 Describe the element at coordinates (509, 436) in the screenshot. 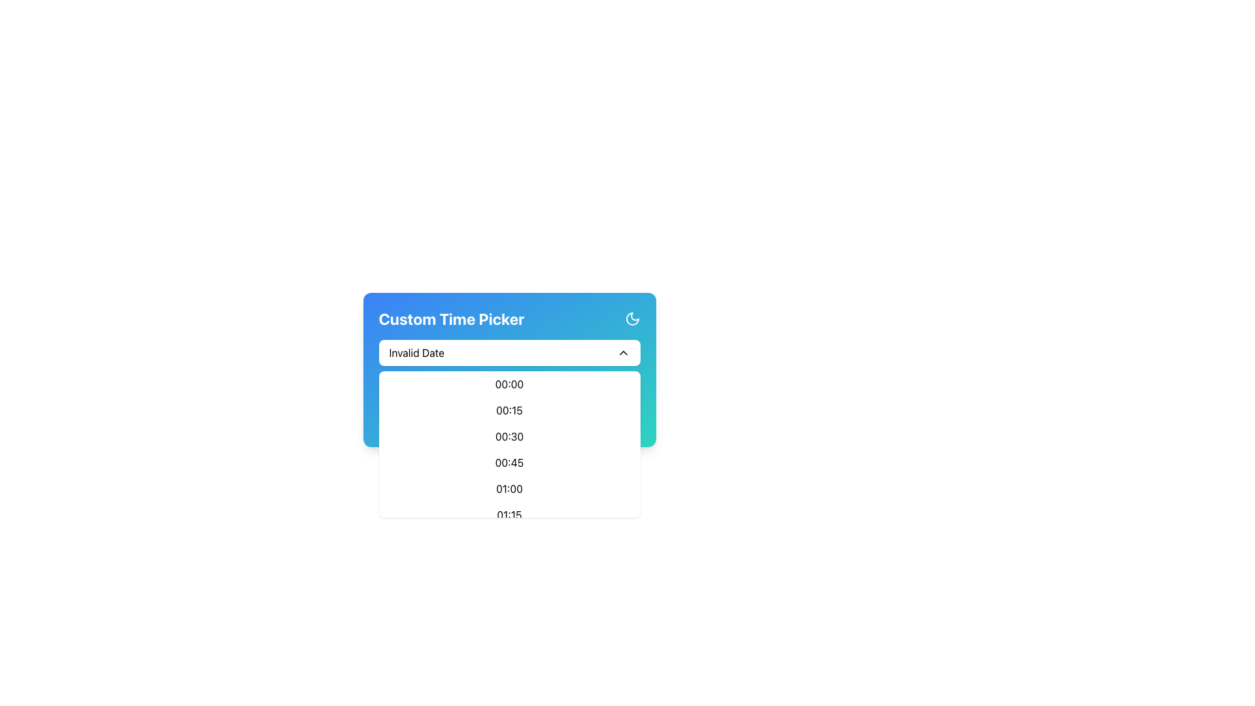

I see `the dropdown menu item displaying '00:30'` at that location.